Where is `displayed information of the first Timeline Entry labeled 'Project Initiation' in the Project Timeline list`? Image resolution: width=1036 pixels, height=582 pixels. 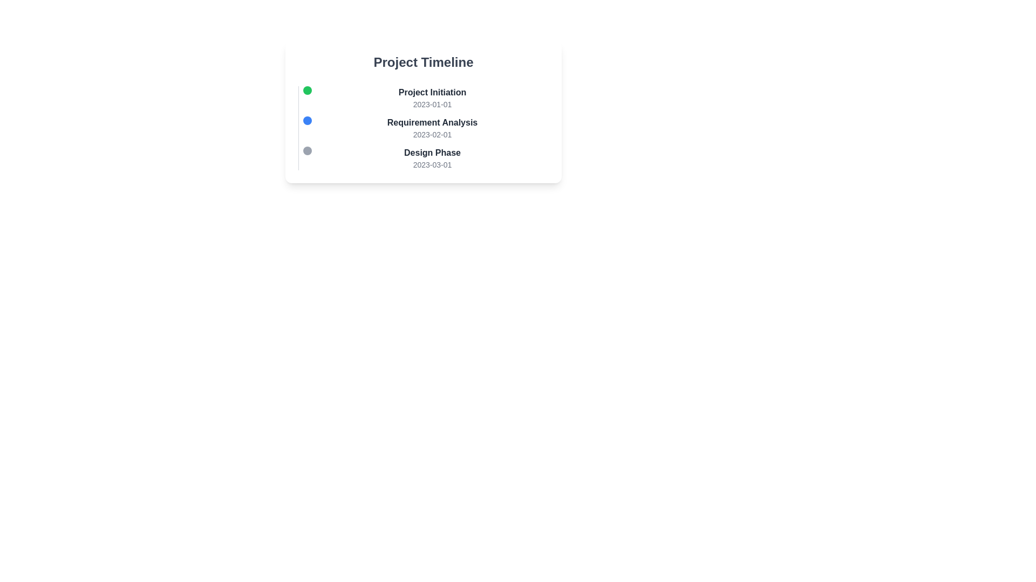 displayed information of the first Timeline Entry labeled 'Project Initiation' in the Project Timeline list is located at coordinates (427, 98).